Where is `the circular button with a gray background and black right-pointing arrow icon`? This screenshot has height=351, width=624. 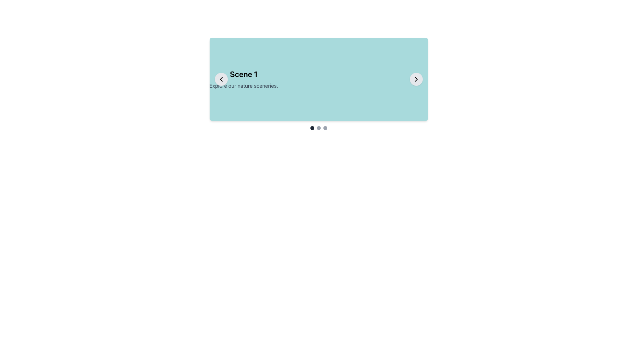 the circular button with a gray background and black right-pointing arrow icon is located at coordinates (416, 79).